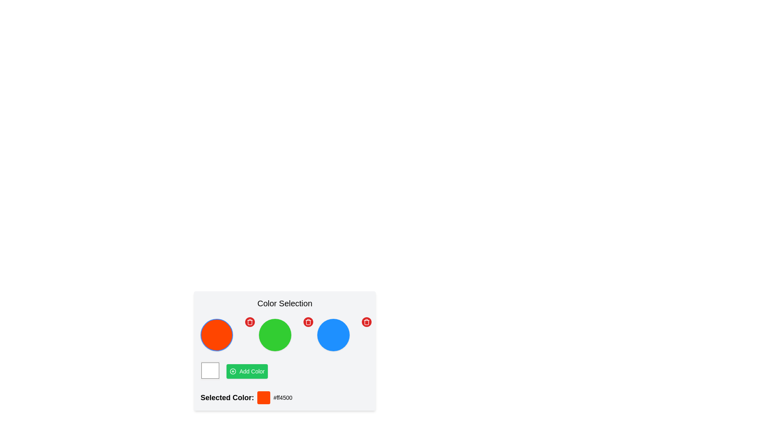 The width and height of the screenshot is (778, 437). Describe the element at coordinates (247, 371) in the screenshot. I see `the button that allows users to add a new color, located in the lower region of the 'Color Selection' panel, positioned to the right of the white square box` at that location.